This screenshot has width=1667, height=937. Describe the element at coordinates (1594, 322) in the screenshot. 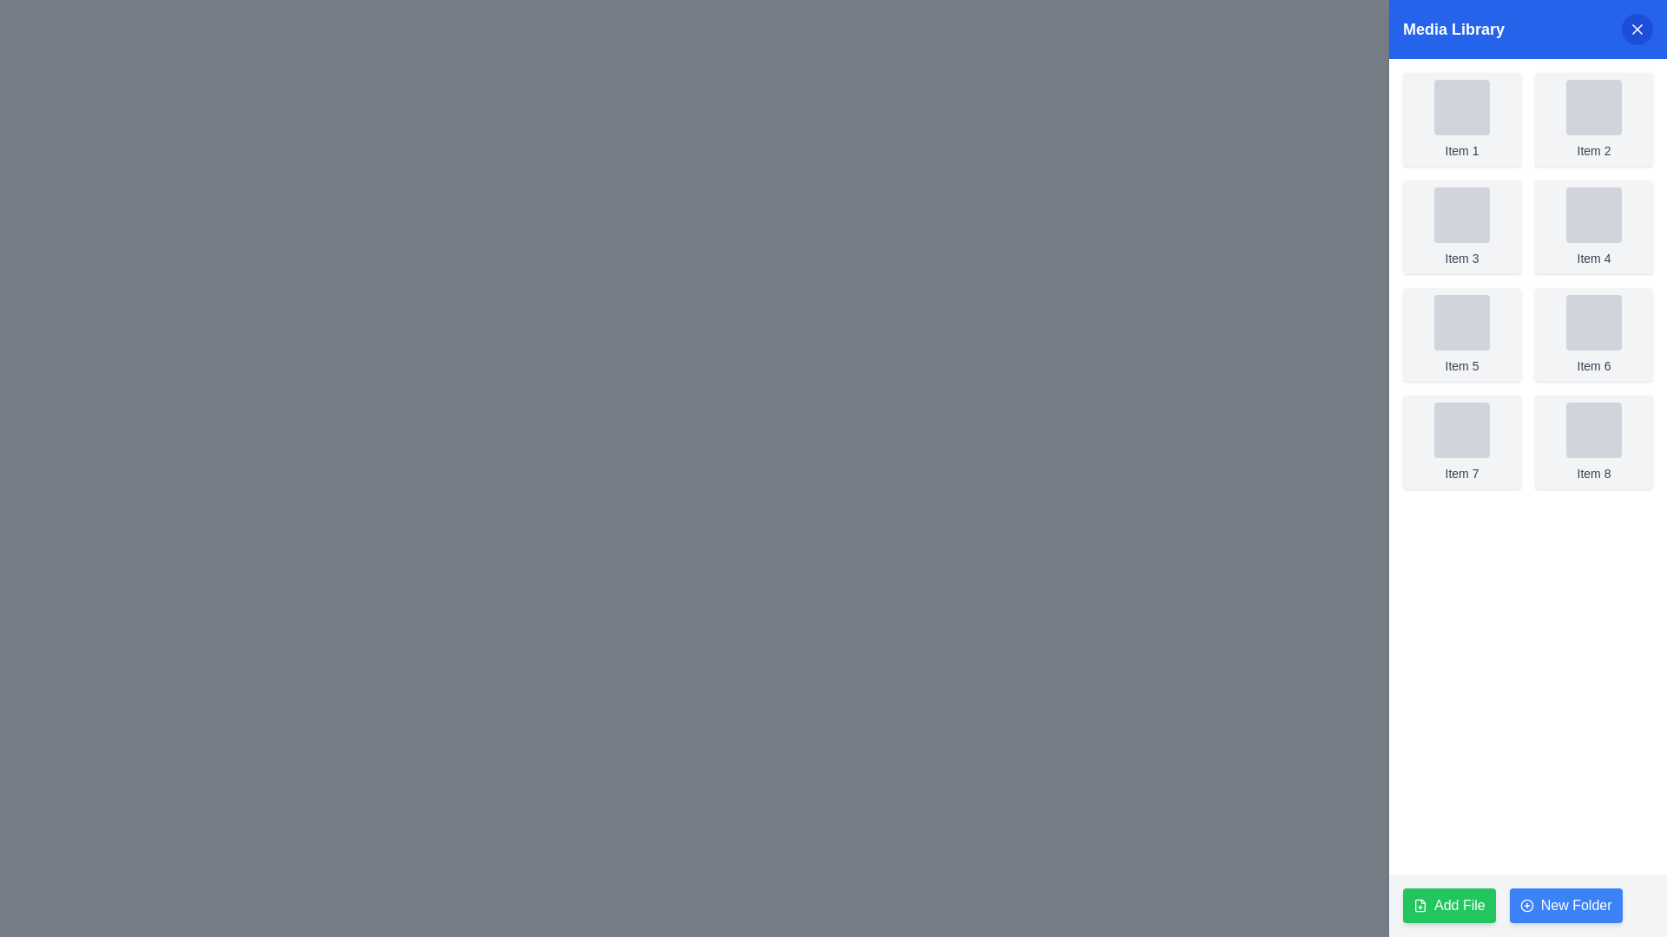

I see `the decorative element associated with 'Item 6', which is located in the second row, first column of its grid layout` at that location.